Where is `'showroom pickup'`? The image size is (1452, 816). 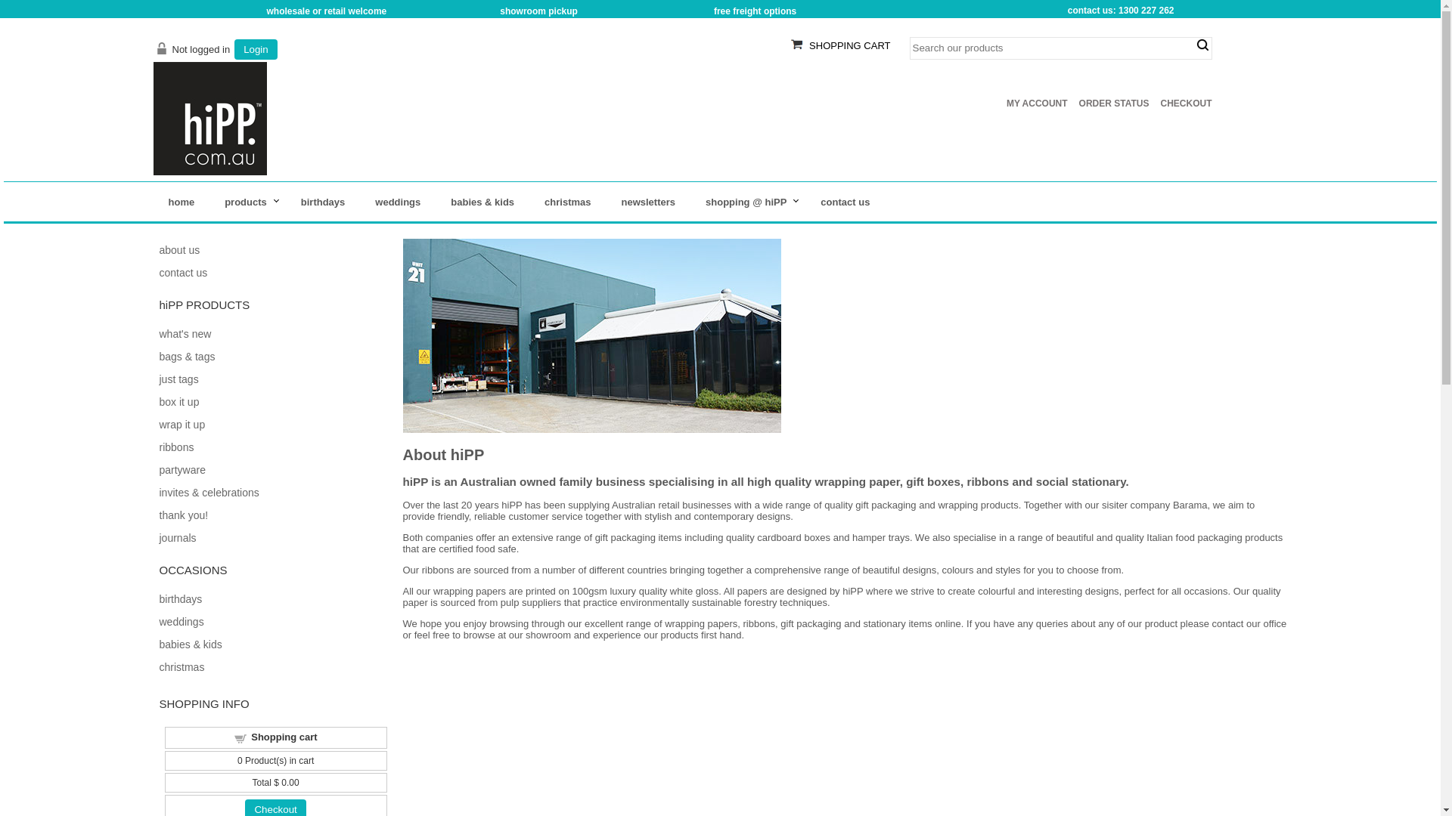
'showroom pickup' is located at coordinates (538, 11).